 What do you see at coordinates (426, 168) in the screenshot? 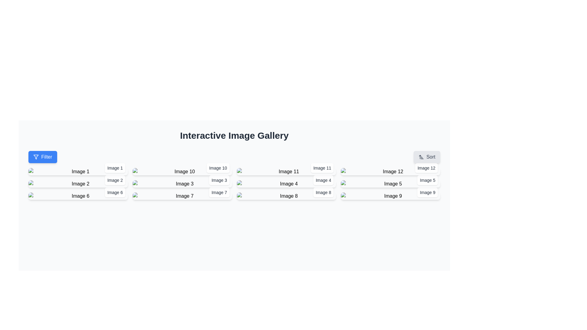
I see `the text label displaying 'Image 12', which is styled in a small font and dark gray color, located at the bottom-right corner of the twelfth image in a grid layout` at bounding box center [426, 168].